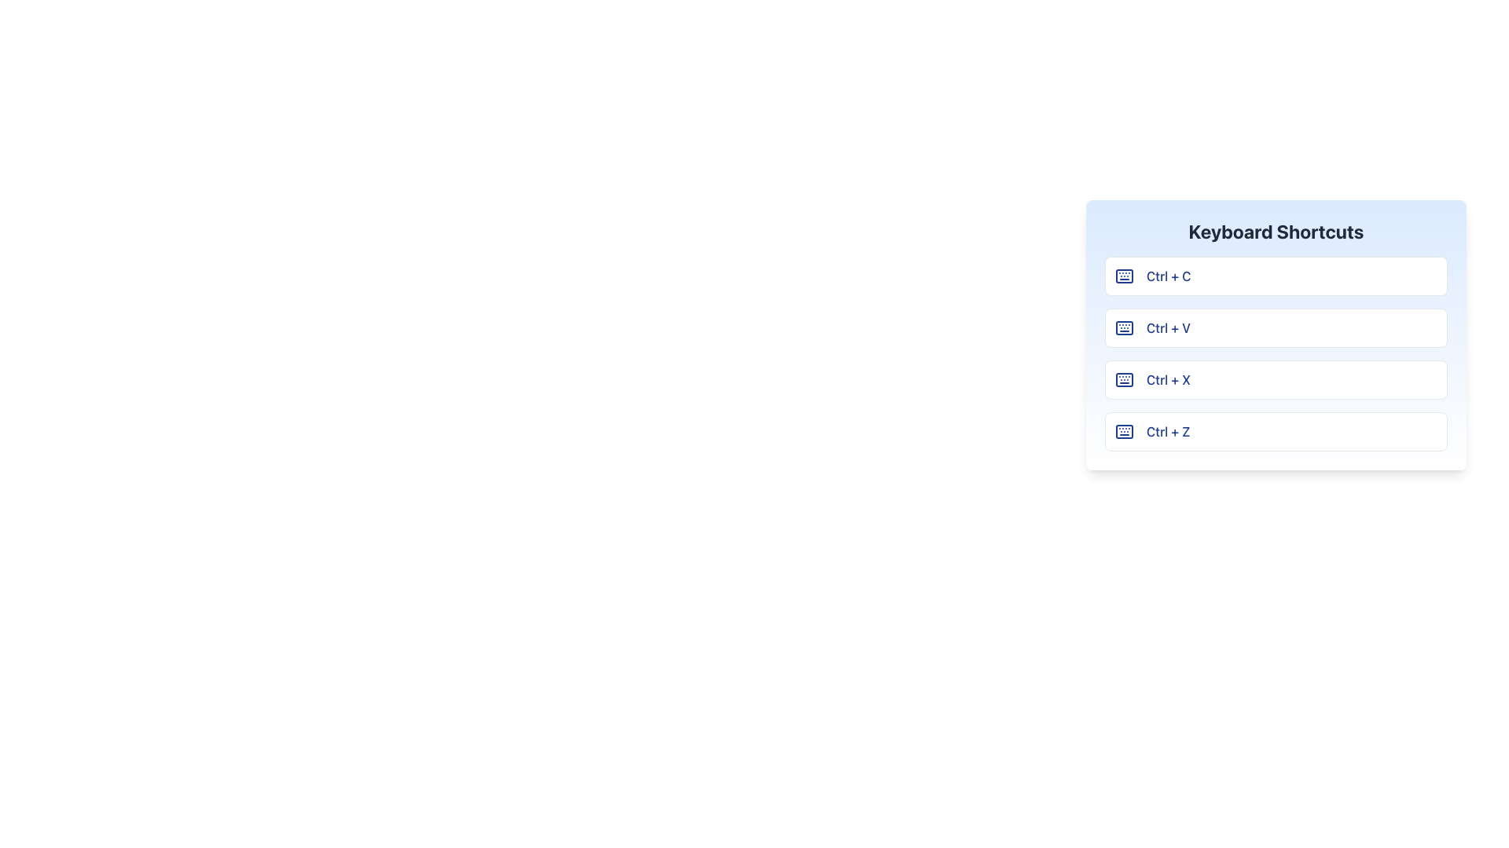 The image size is (1509, 848). Describe the element at coordinates (1123, 327) in the screenshot. I see `the SVG rectangle element that serves as the background of the keyboard icon within the 'Keyboard Shortcuts' section` at that location.